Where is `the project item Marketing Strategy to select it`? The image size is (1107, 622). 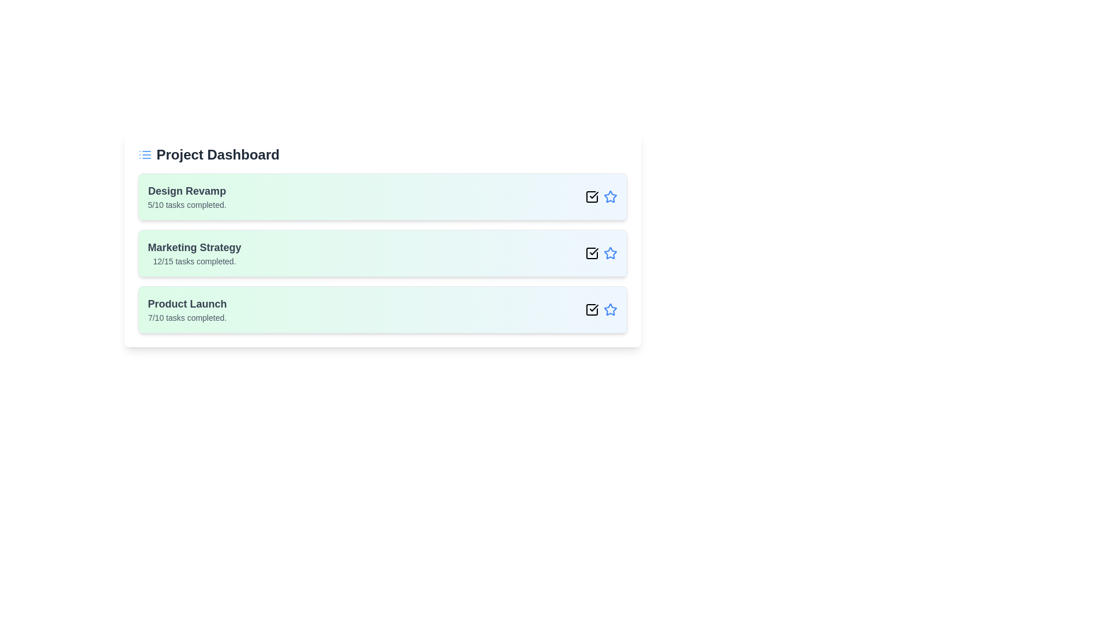 the project item Marketing Strategy to select it is located at coordinates (382, 252).